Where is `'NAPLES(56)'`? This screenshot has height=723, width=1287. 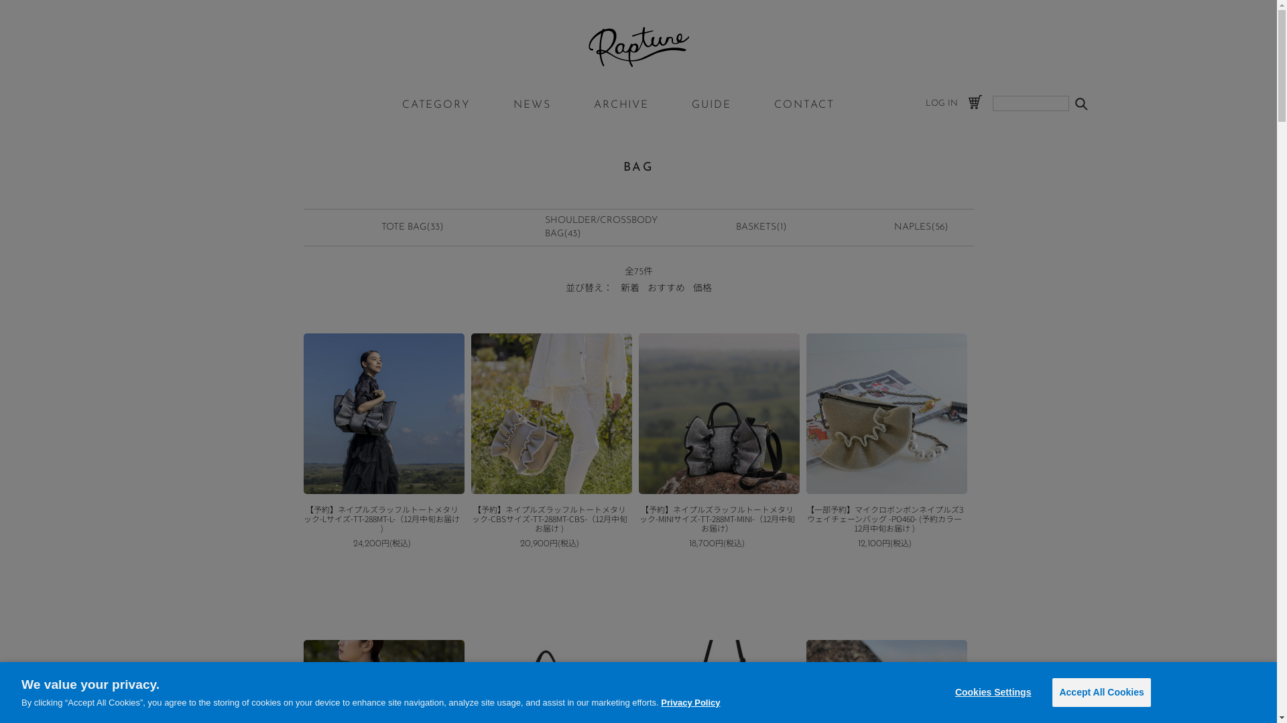 'NAPLES(56)' is located at coordinates (894, 226).